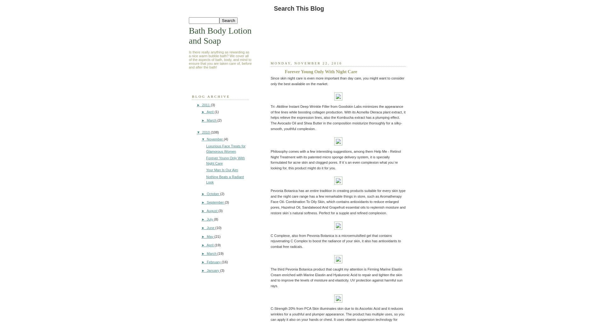 The image size is (598, 323). I want to click on '(4)', so click(225, 139).